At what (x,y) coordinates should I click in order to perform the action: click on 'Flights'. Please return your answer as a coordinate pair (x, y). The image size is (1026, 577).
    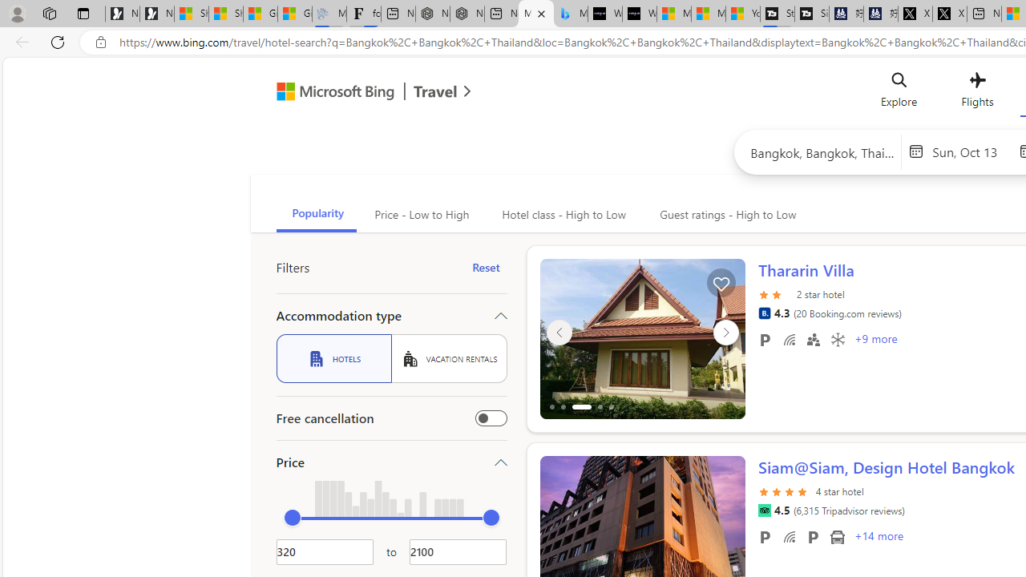
    Looking at the image, I should click on (976, 94).